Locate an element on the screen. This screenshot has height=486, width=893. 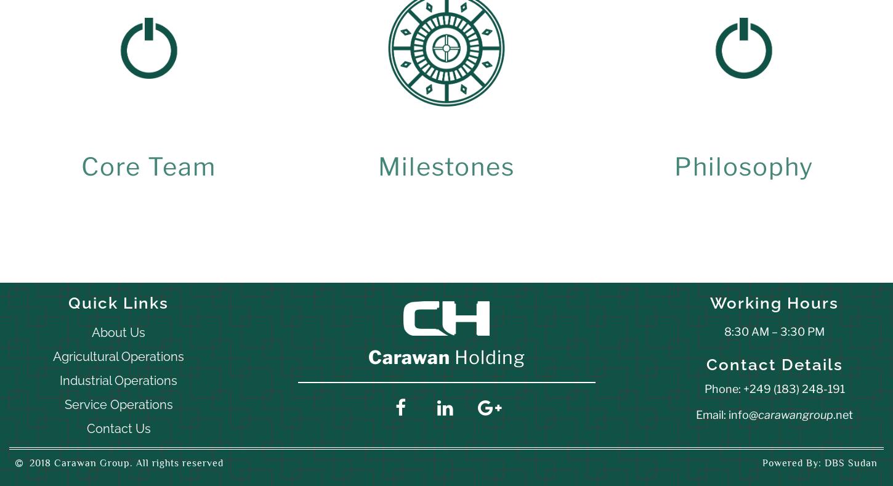
'About Us' is located at coordinates (118, 331).